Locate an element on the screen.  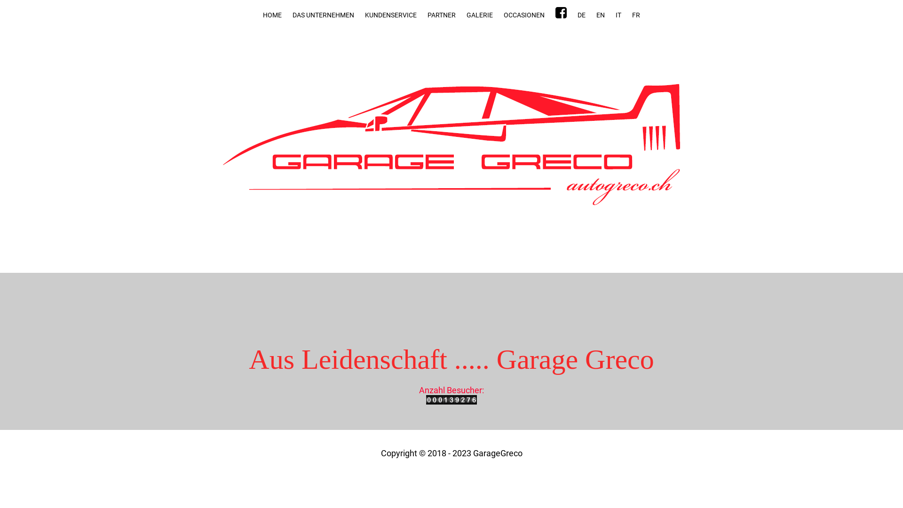
'HOME' is located at coordinates (272, 15).